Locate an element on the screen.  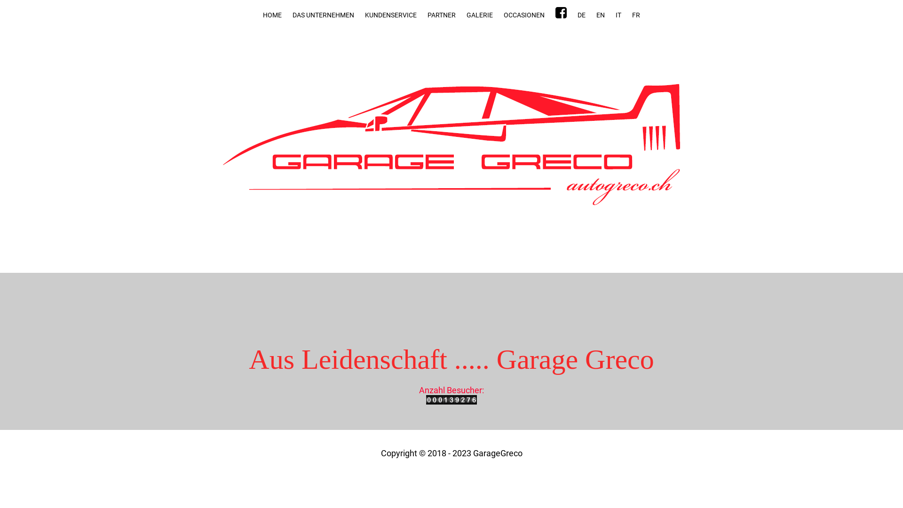
'HOME' is located at coordinates (272, 15).